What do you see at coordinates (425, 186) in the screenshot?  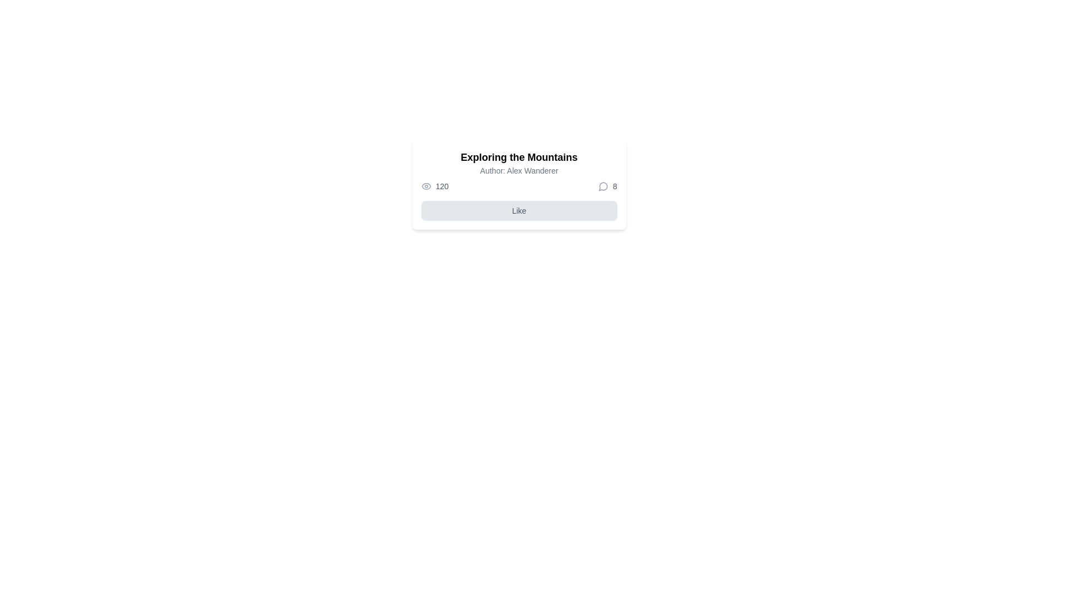 I see `the eye icon with a gray outline located to the left of the text '120'` at bounding box center [425, 186].